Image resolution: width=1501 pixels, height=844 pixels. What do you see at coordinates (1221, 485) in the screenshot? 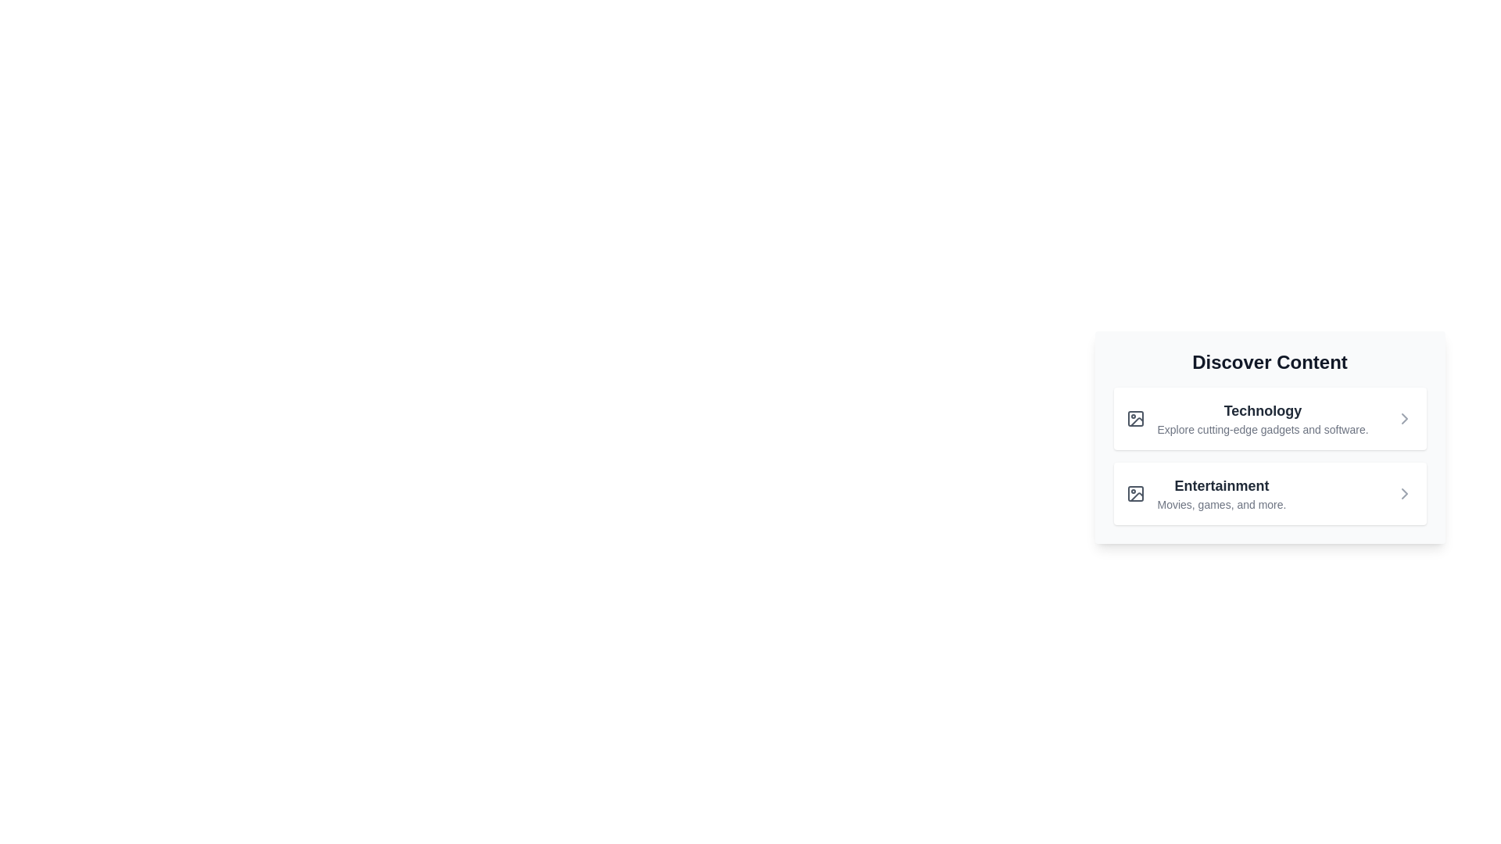
I see `the text label styled as a heading that displays the title 'Entertainment', which is visually distinct in bold dark gray font against a light background, located near the bottom of a card-like section under 'Discover Content'` at bounding box center [1221, 485].